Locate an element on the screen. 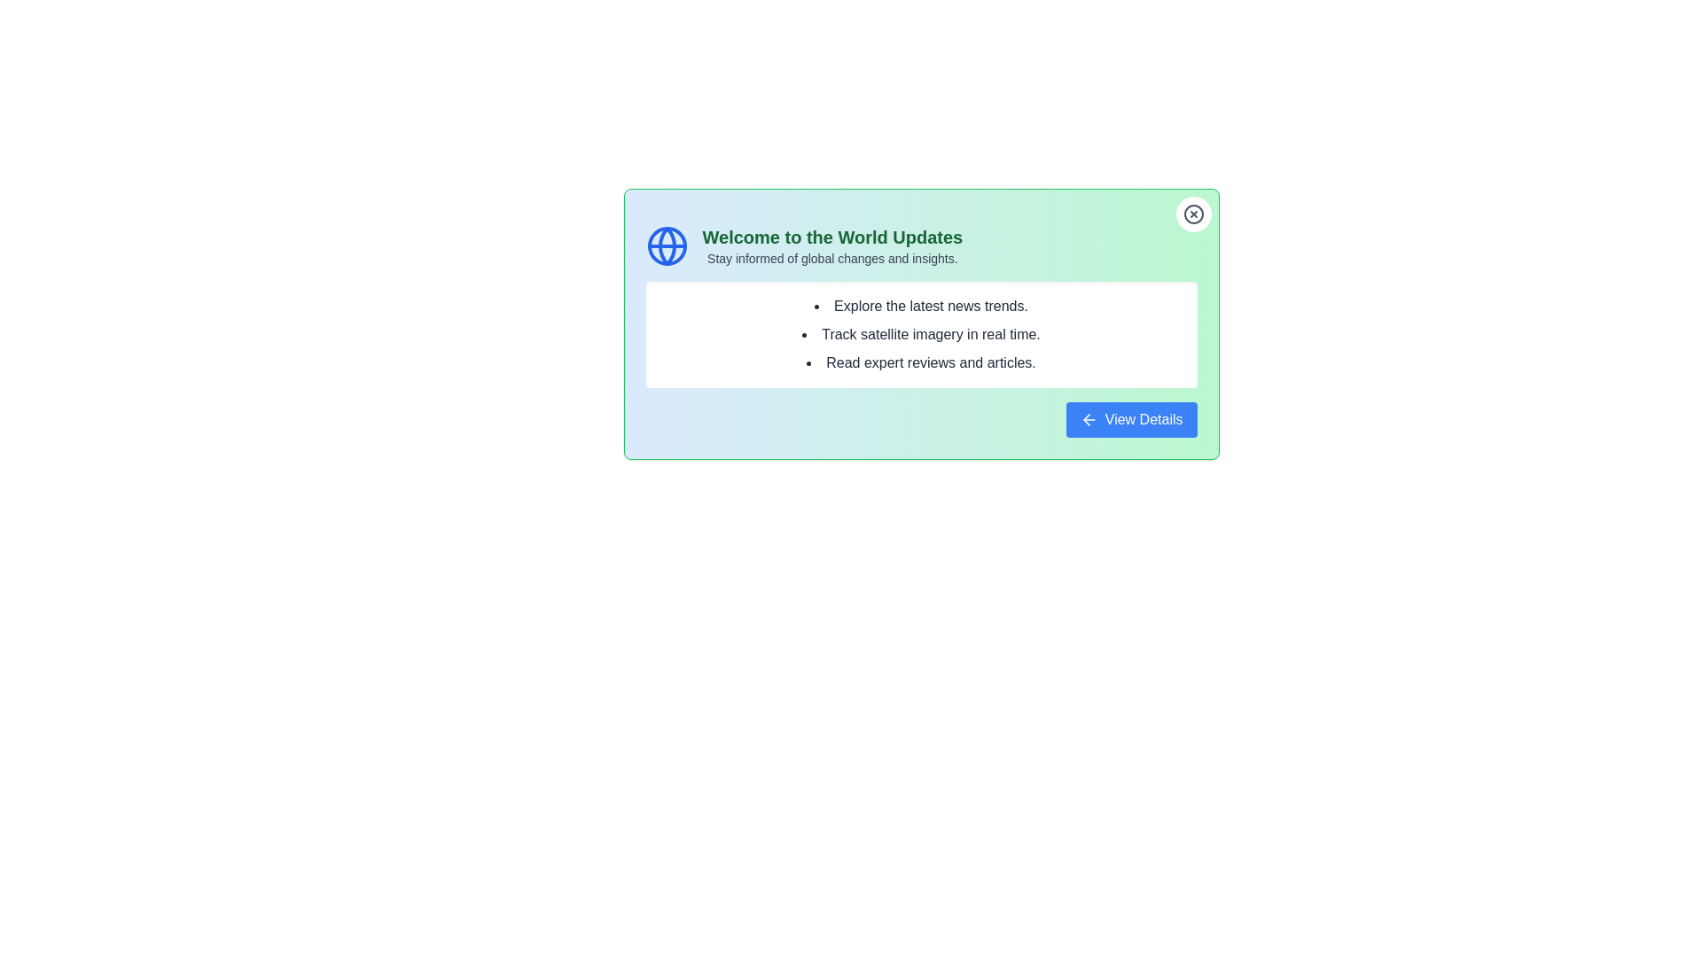 This screenshot has height=957, width=1702. the 'View Details' button to navigate to the updates section is located at coordinates (1130, 420).